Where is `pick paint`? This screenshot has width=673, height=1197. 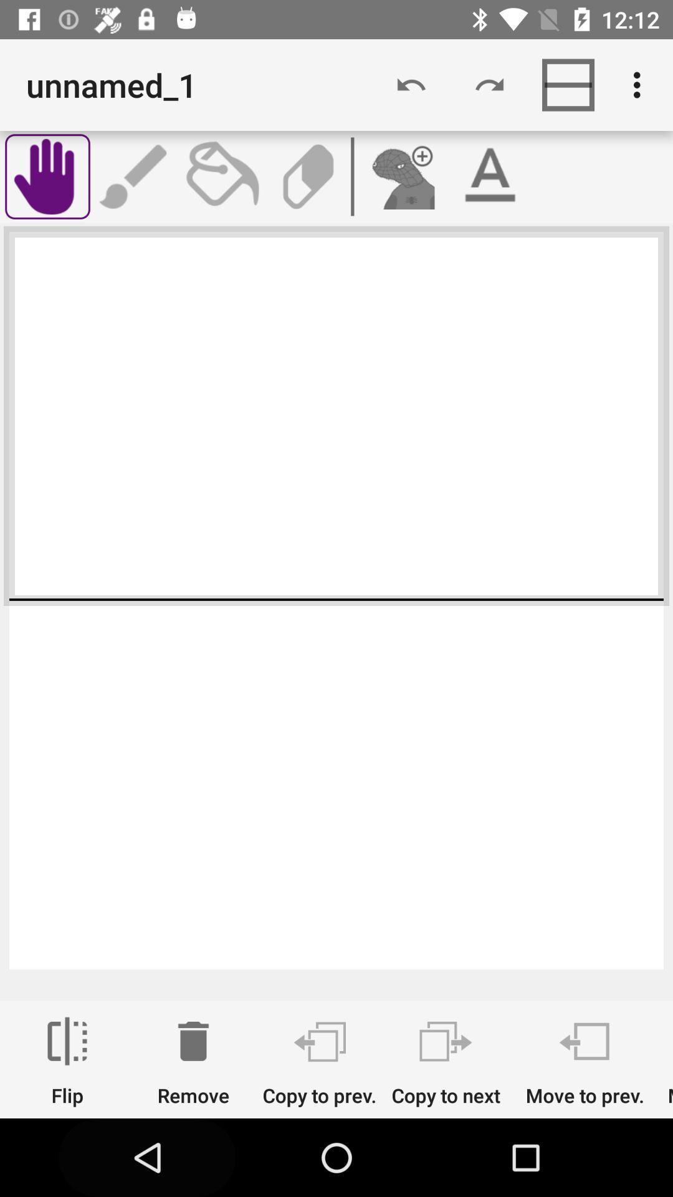 pick paint is located at coordinates (221, 176).